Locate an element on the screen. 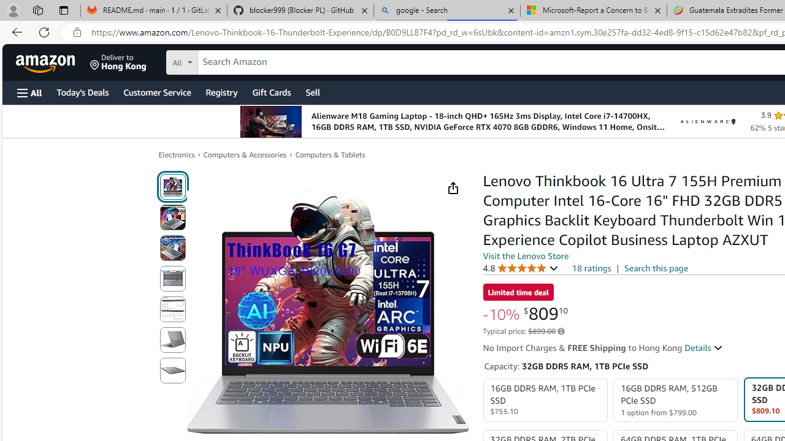 The image size is (785, 441). 'Amazon' is located at coordinates (47, 62).